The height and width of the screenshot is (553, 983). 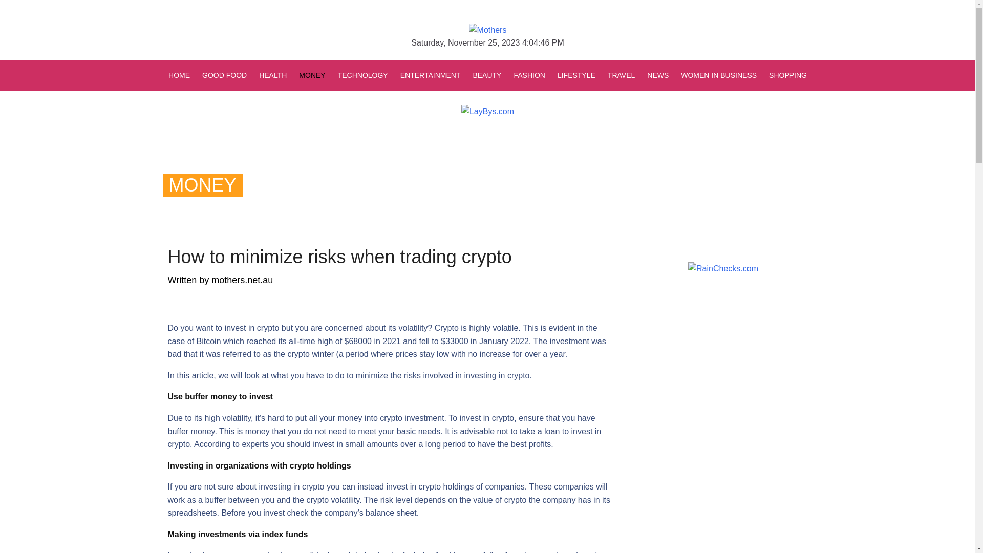 I want to click on 'SHOPPING', so click(x=784, y=74).